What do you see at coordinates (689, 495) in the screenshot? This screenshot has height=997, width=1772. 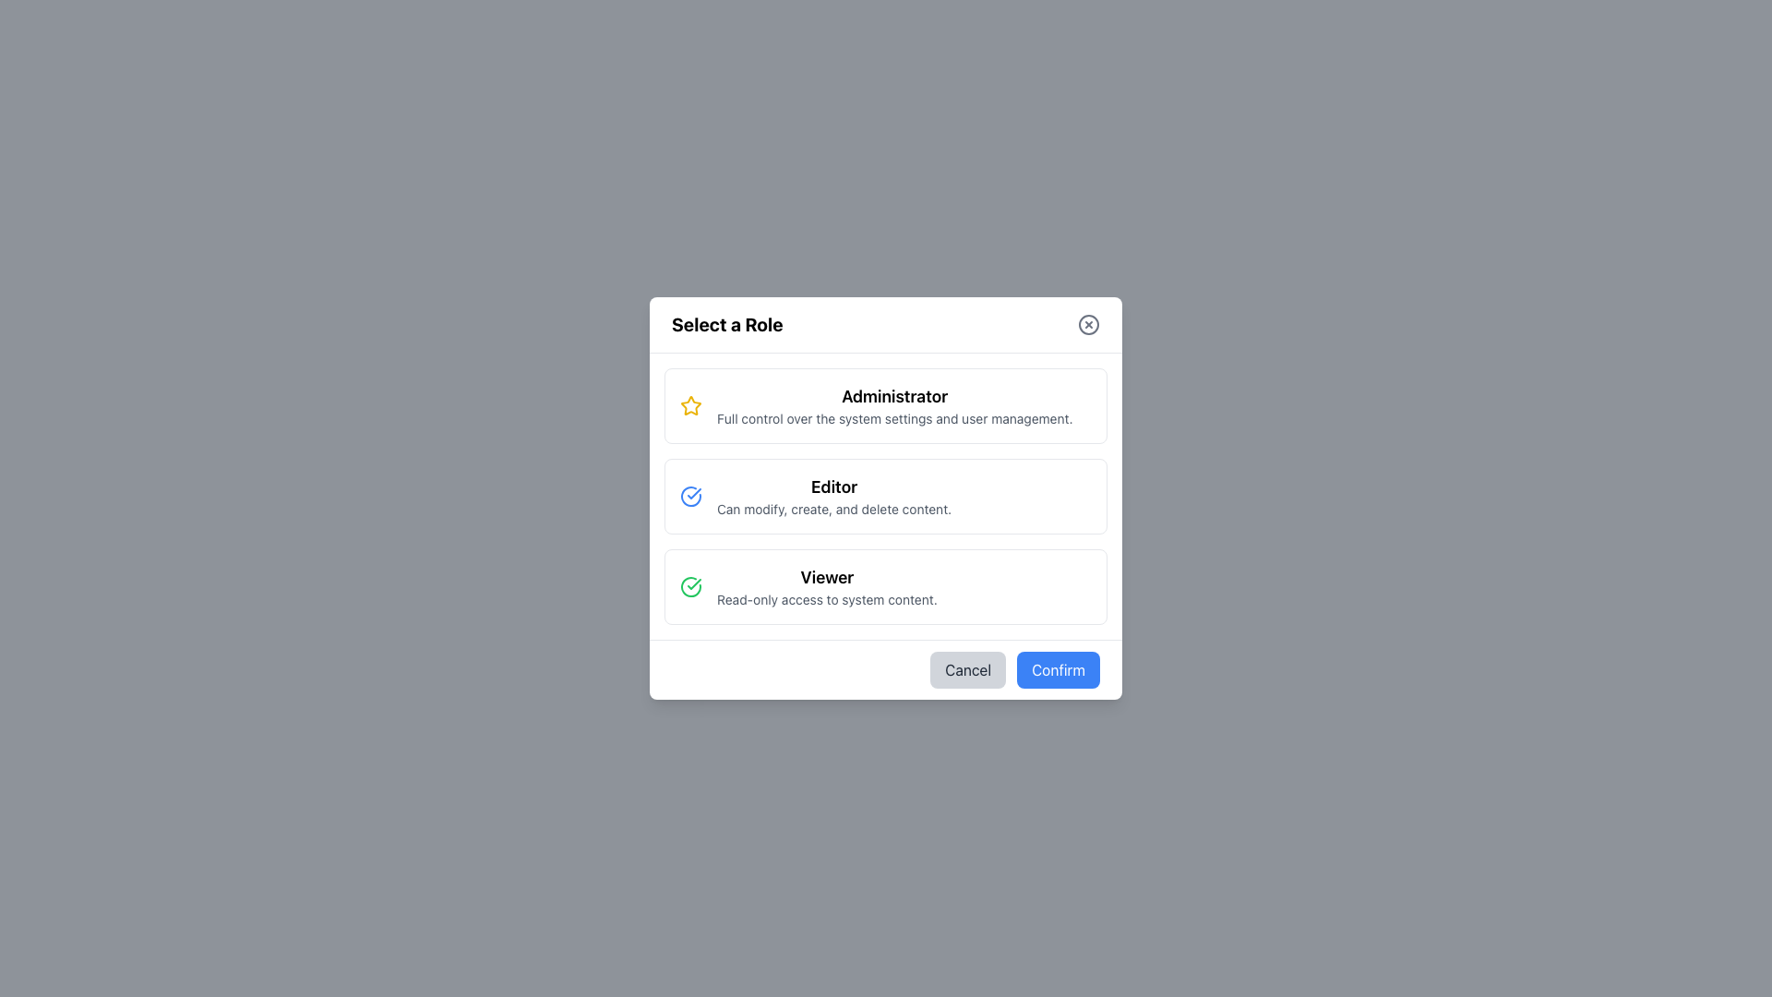 I see `the blue circular icon with a white checkmark located in the 'Editor' section of the 'Select a Role' dialog box` at bounding box center [689, 495].